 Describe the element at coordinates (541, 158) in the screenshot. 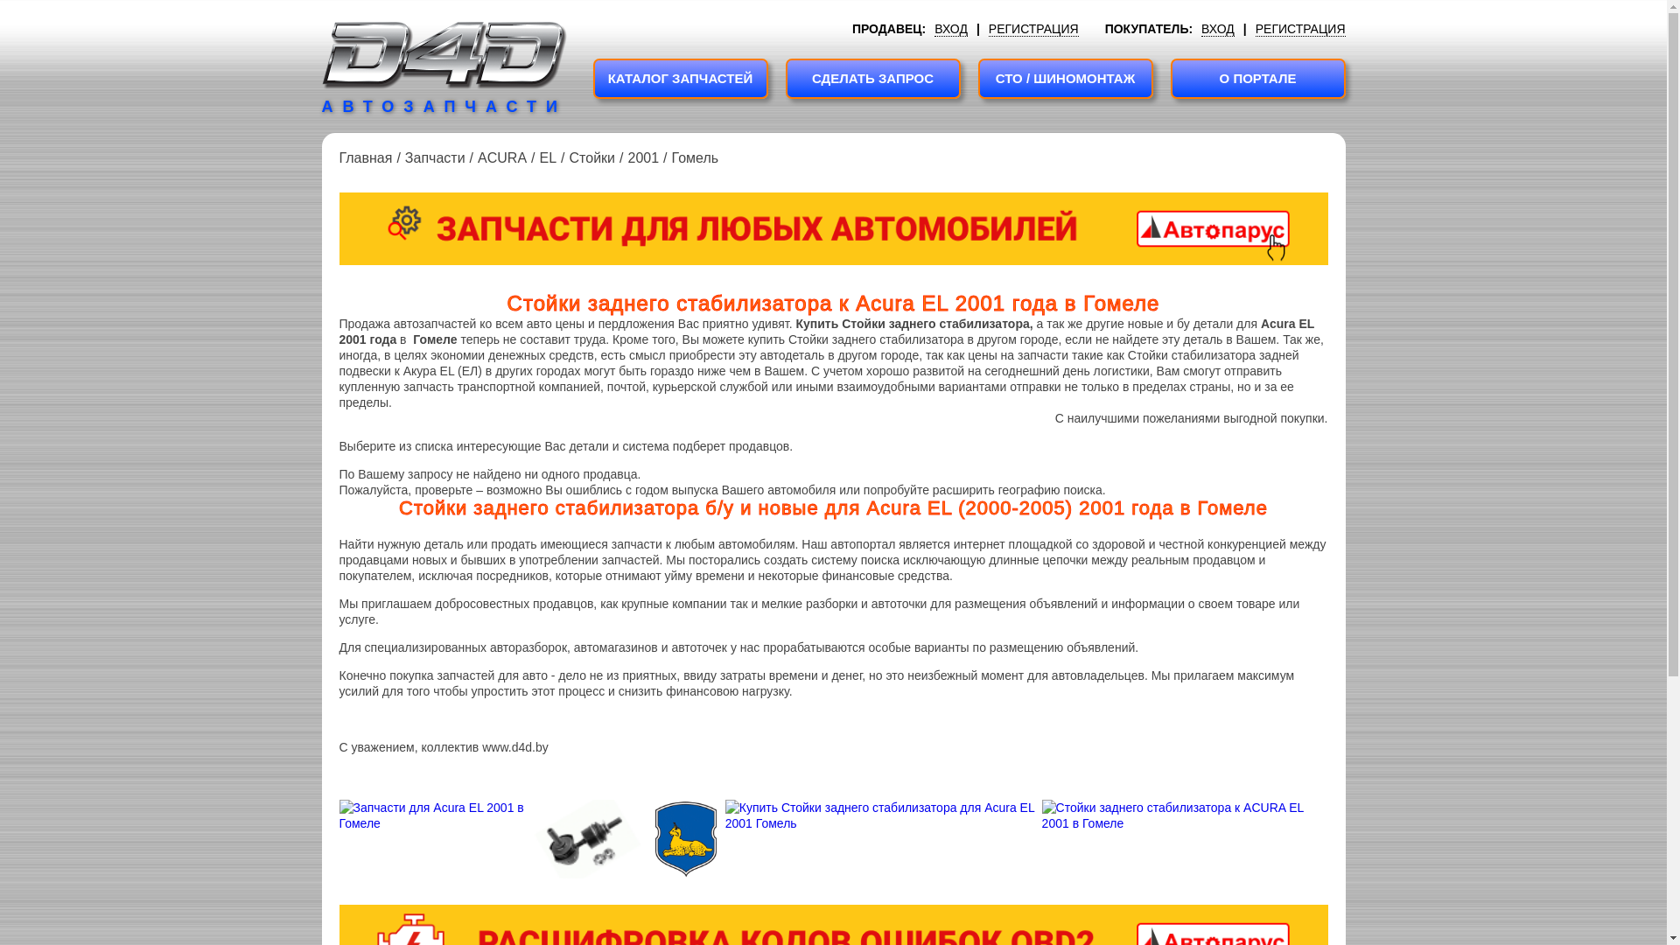

I see `'/EL'` at that location.